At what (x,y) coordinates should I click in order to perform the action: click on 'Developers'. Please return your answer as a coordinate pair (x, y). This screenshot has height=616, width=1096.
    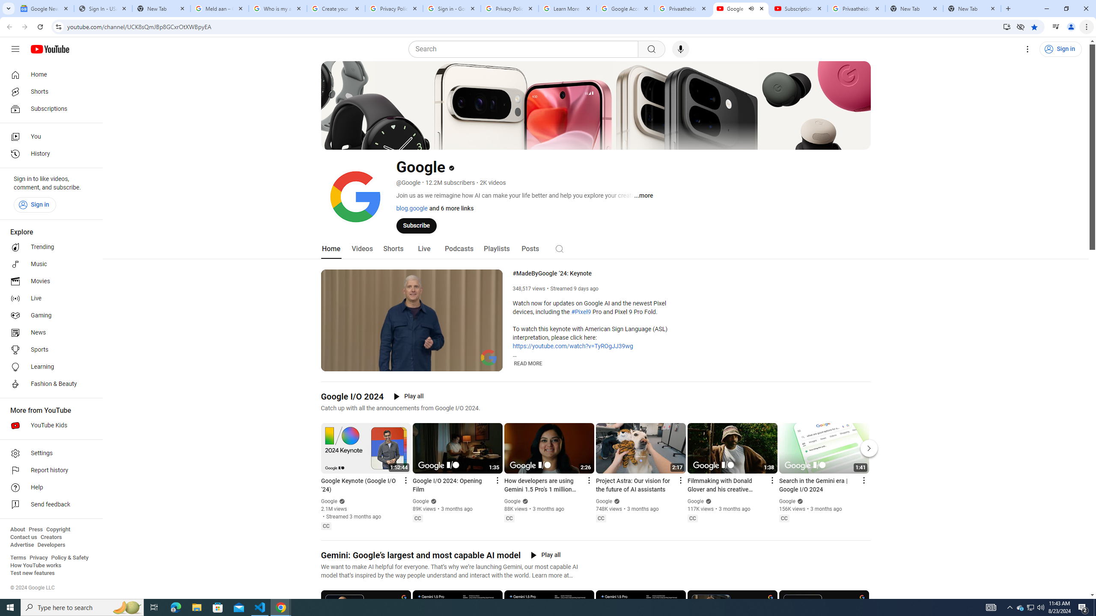
    Looking at the image, I should click on (51, 544).